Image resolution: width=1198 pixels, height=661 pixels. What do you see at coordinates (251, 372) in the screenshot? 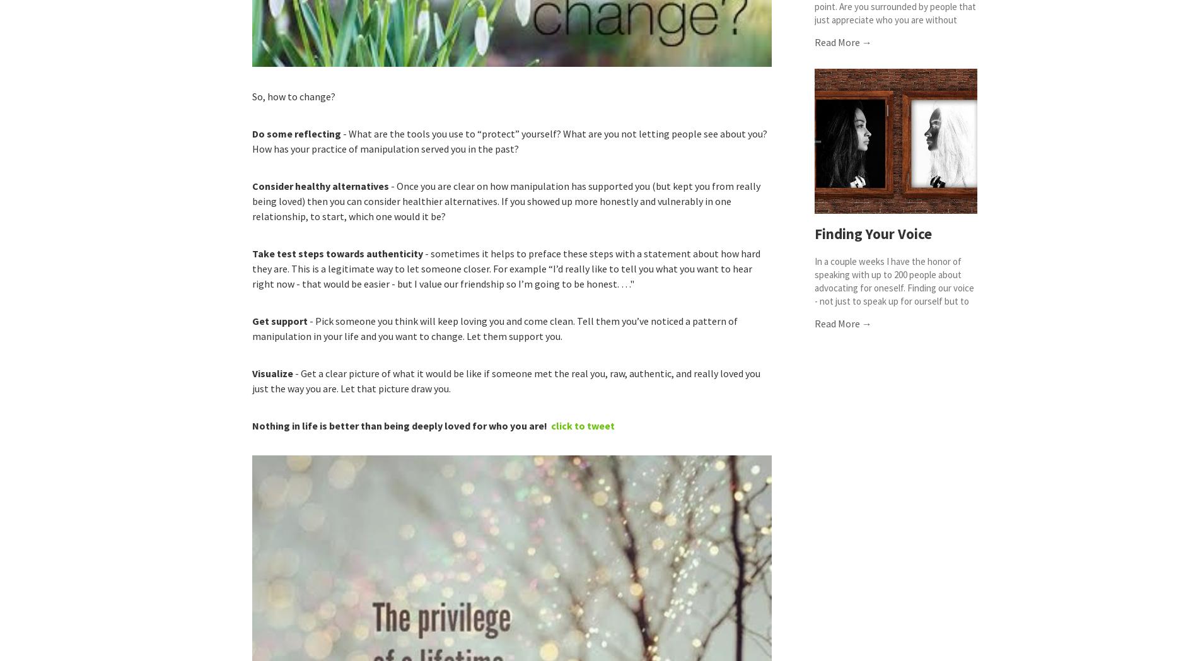
I see `'Visualize'` at bounding box center [251, 372].